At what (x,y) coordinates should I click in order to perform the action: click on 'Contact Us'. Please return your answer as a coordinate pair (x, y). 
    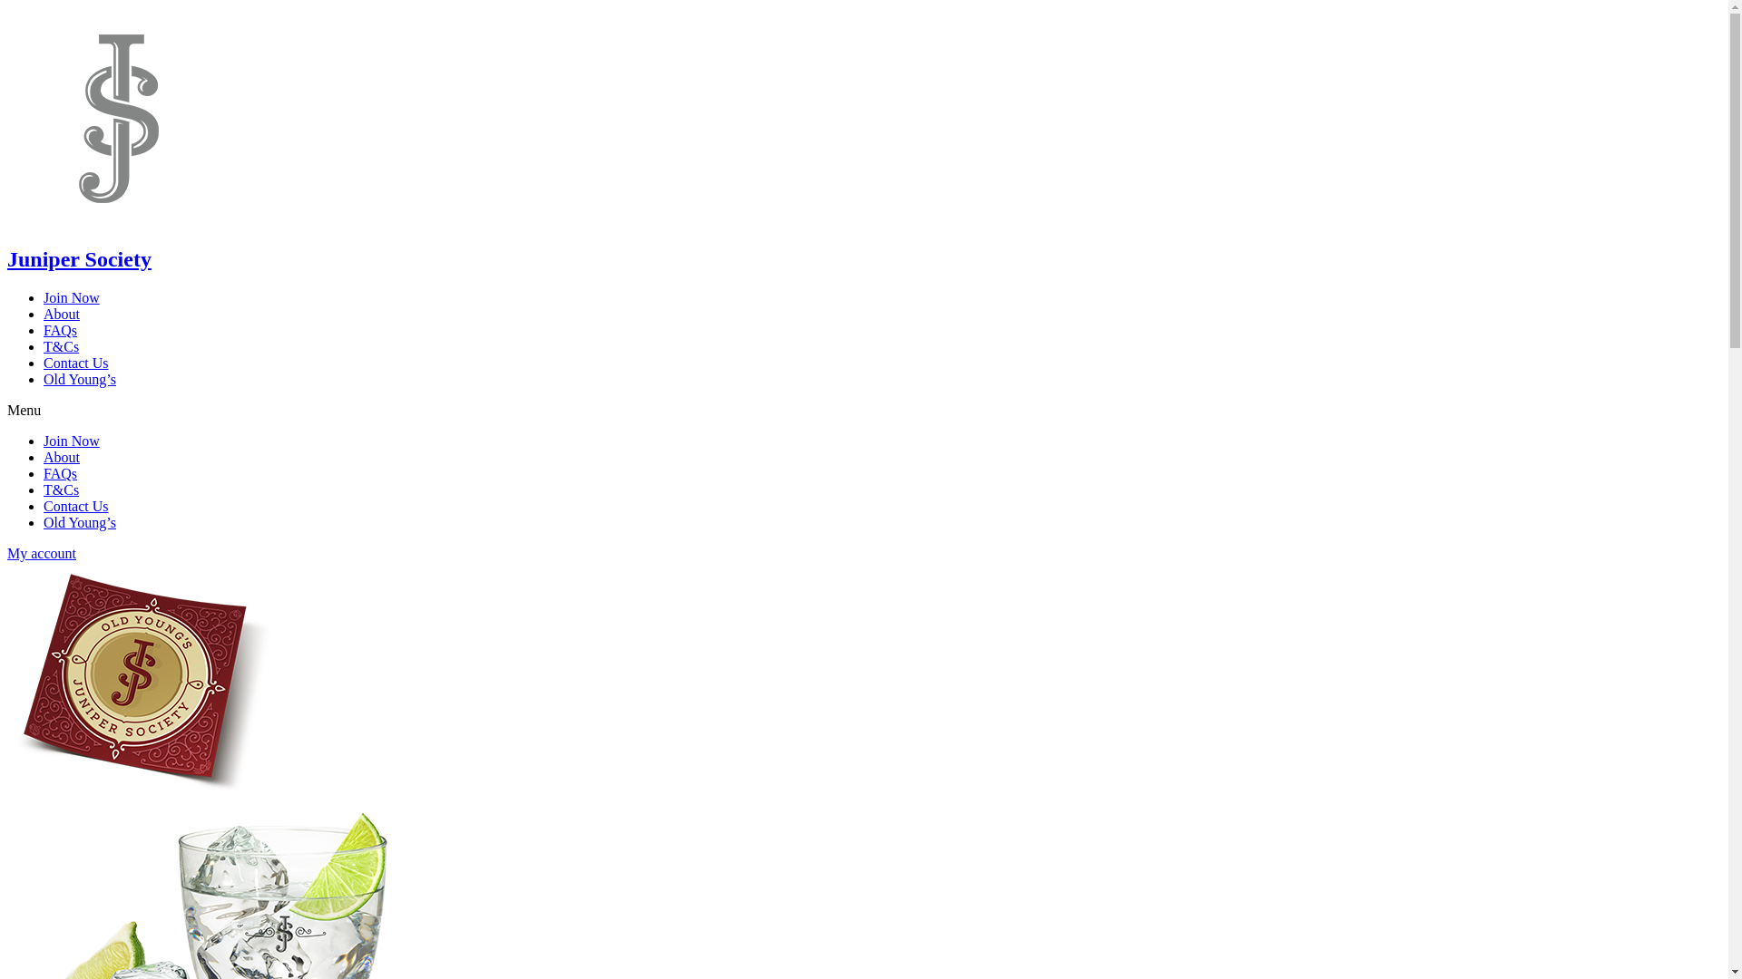
    Looking at the image, I should click on (74, 506).